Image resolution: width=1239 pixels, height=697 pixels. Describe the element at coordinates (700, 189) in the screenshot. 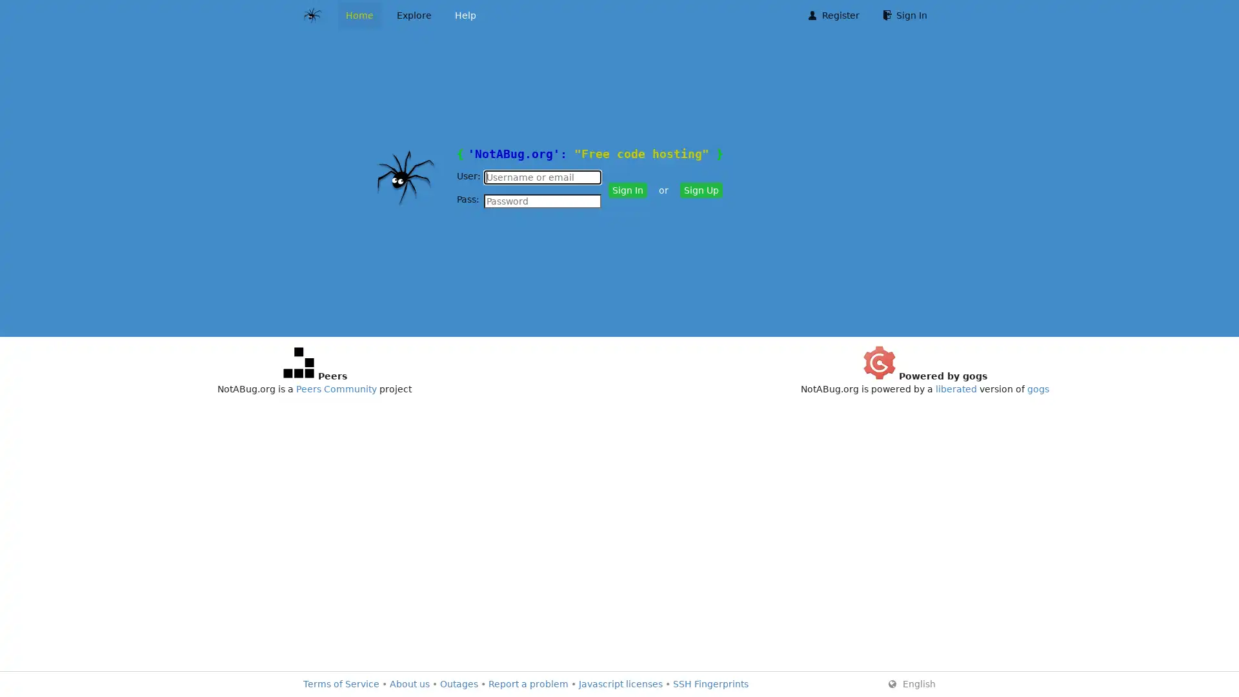

I see `Sign Up` at that location.